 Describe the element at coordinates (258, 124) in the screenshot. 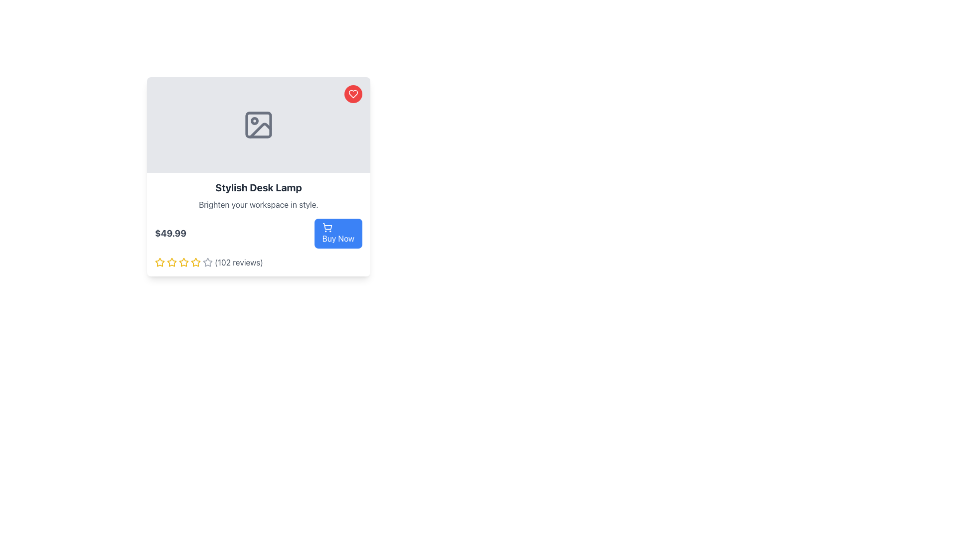

I see `the SVG rectangle with rounded corners located centrally within the photo icon` at that location.